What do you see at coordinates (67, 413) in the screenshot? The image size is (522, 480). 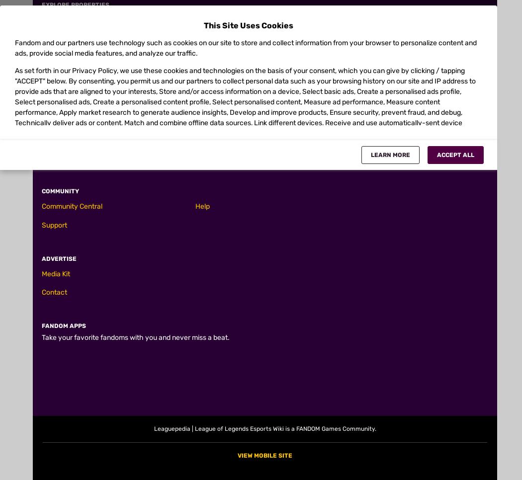 I see `'v6.3'` at bounding box center [67, 413].